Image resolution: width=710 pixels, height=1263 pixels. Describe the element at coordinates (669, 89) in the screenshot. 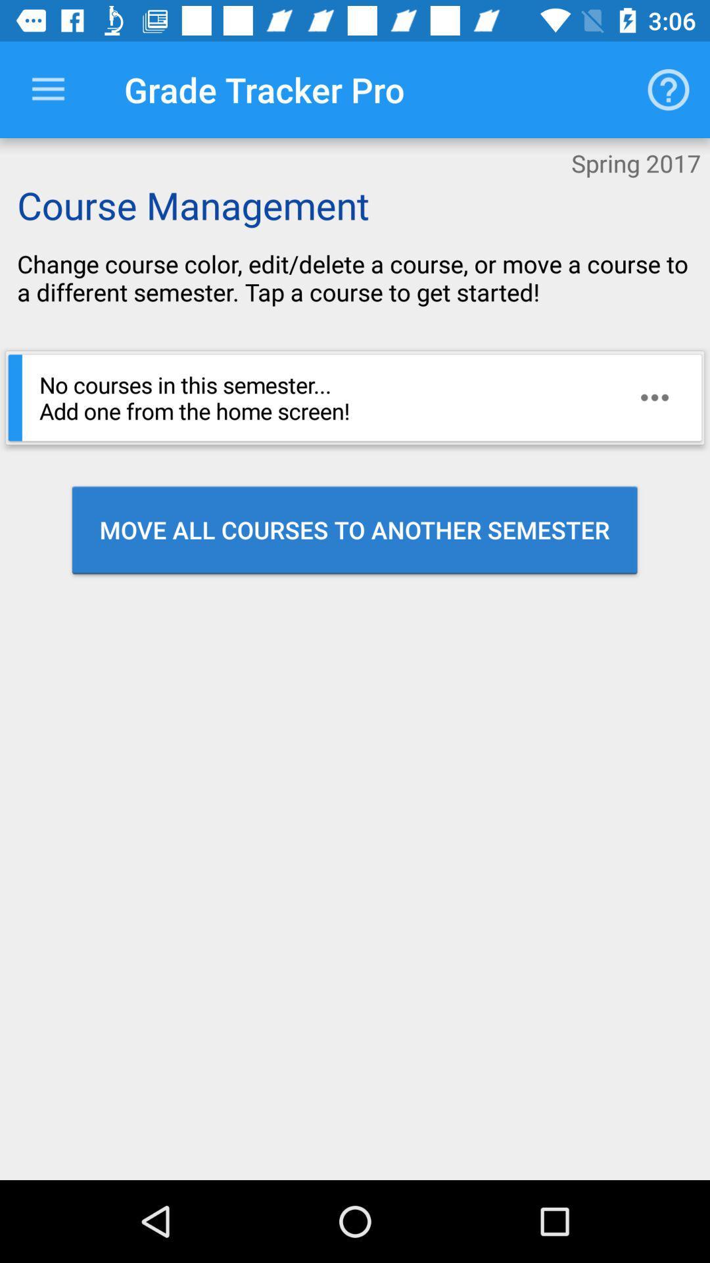

I see `the item next to the grade tracker pro icon` at that location.